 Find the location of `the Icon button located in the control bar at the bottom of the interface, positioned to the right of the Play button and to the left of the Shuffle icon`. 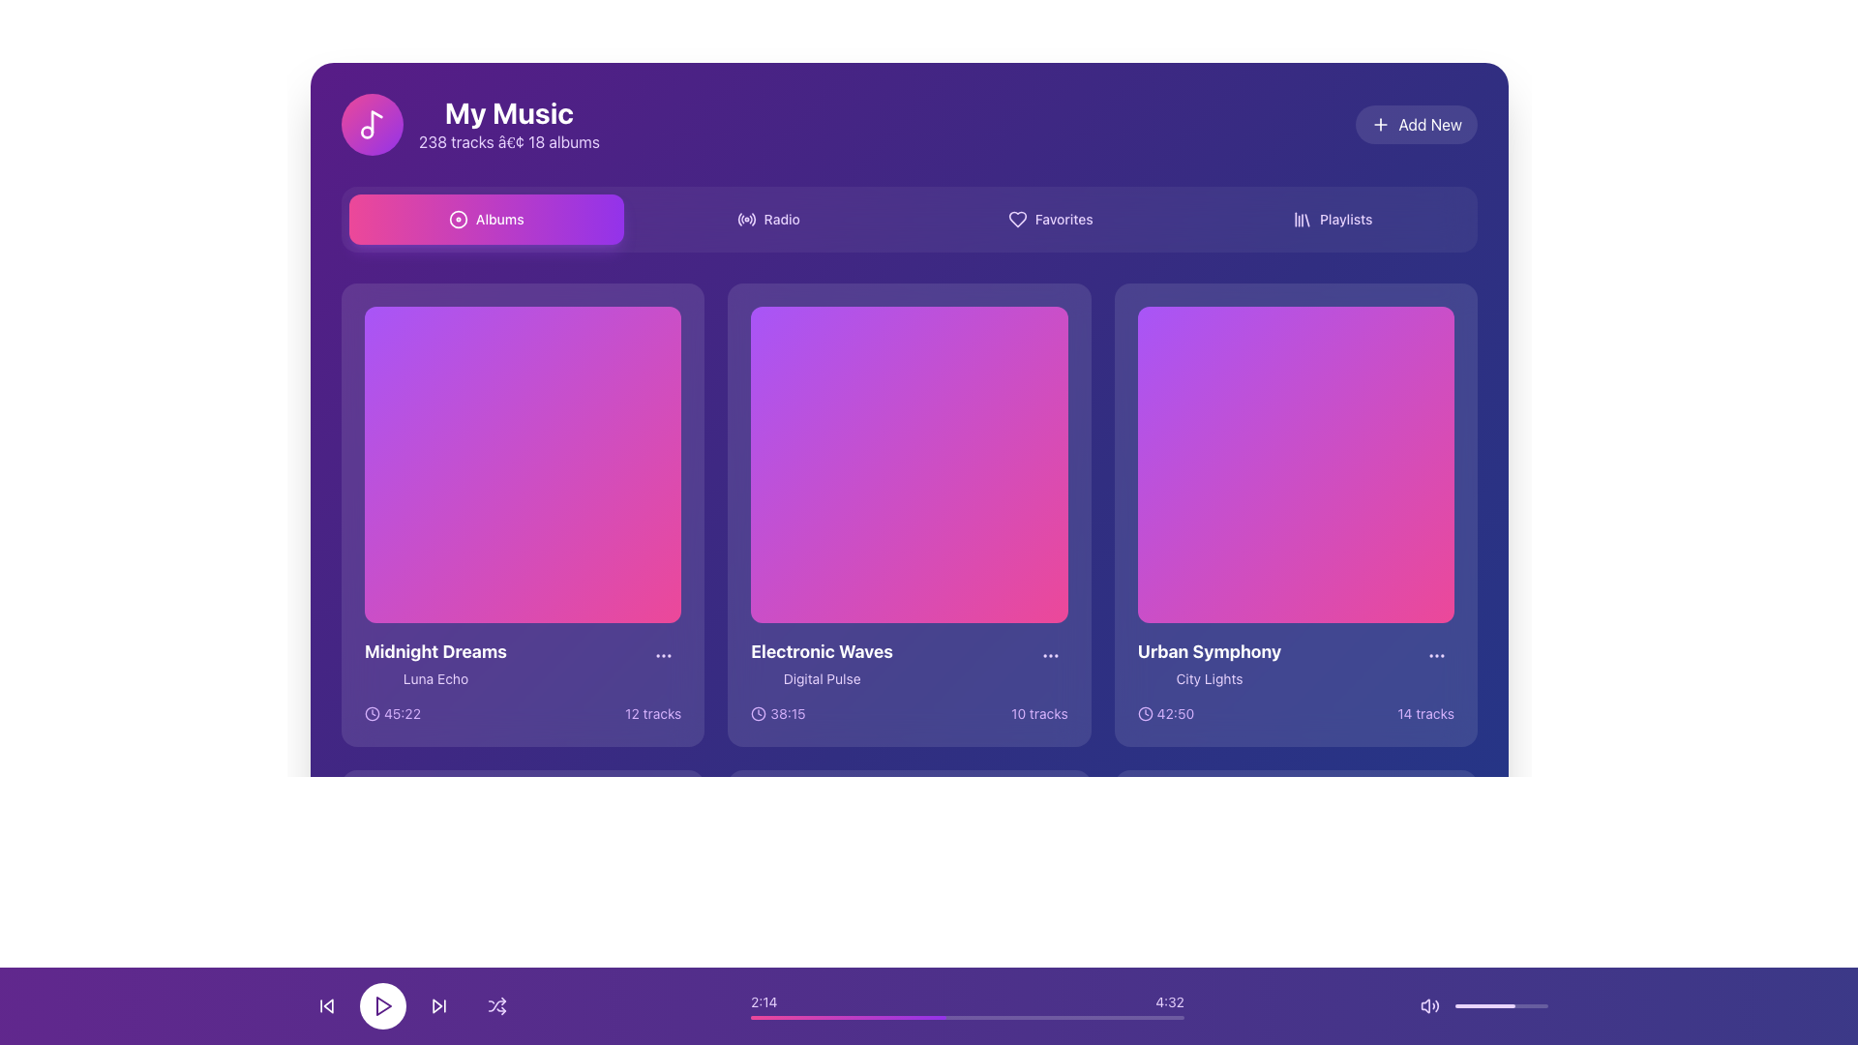

the Icon button located in the control bar at the bottom of the interface, positioned to the right of the Play button and to the left of the Shuffle icon is located at coordinates (438, 1005).